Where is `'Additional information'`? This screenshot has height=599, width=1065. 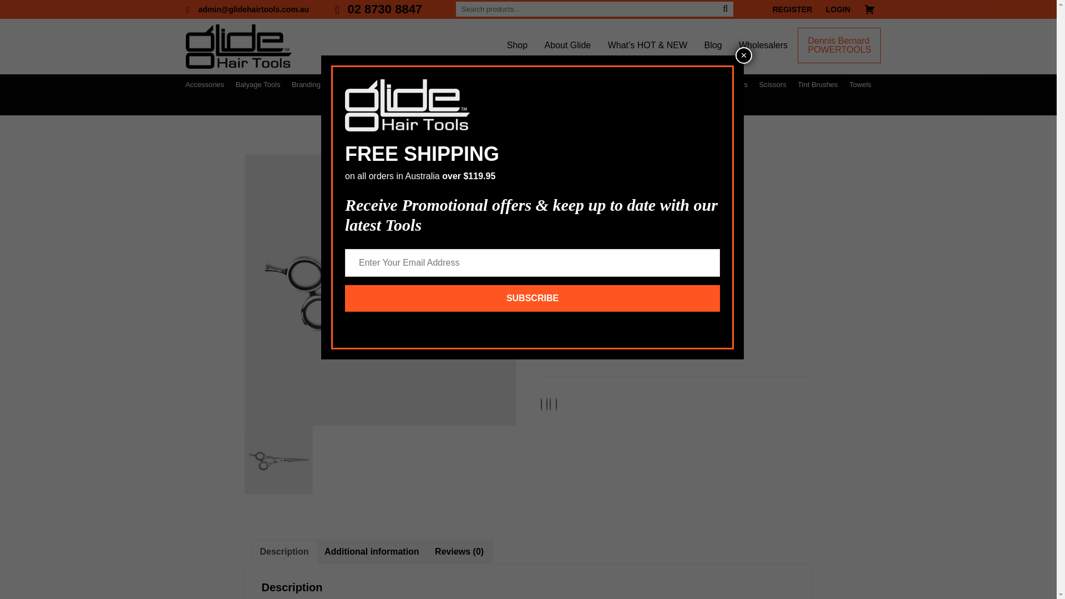
'Additional information' is located at coordinates (372, 552).